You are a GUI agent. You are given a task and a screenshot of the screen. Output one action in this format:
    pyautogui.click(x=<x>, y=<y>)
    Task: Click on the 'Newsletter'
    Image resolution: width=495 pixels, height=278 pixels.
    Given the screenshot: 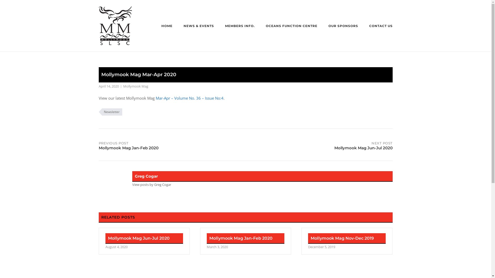 What is the action you would take?
    pyautogui.click(x=110, y=112)
    